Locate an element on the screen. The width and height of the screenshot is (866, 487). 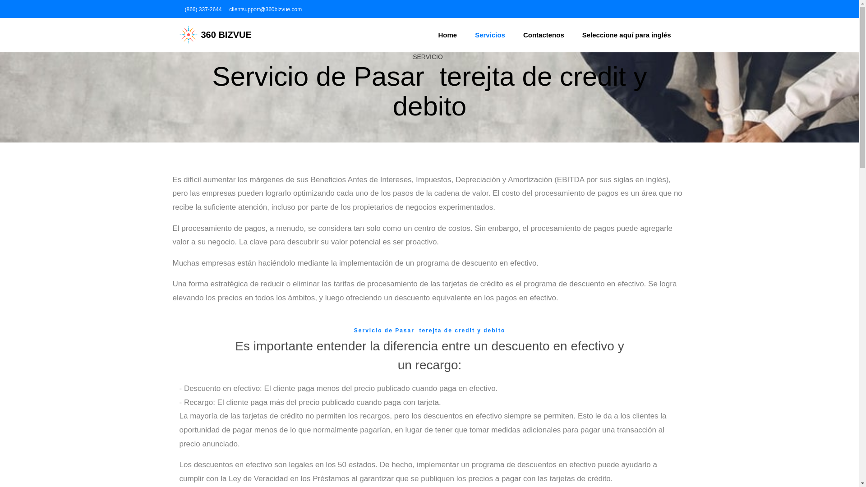
'SERVICIO' is located at coordinates (427, 57).